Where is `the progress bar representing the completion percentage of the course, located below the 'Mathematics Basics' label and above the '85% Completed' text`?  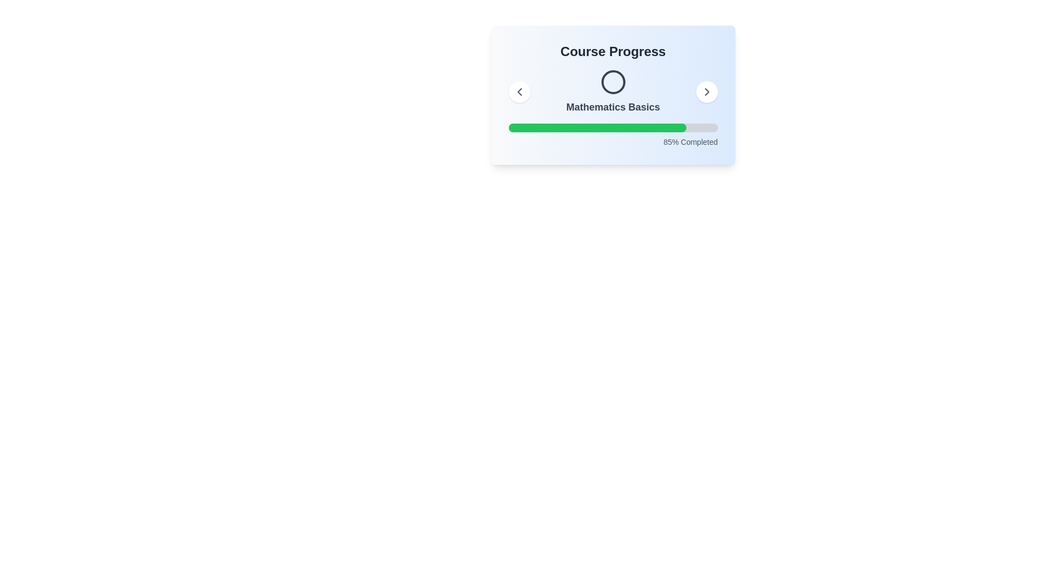
the progress bar representing the completion percentage of the course, located below the 'Mathematics Basics' label and above the '85% Completed' text is located at coordinates (613, 127).